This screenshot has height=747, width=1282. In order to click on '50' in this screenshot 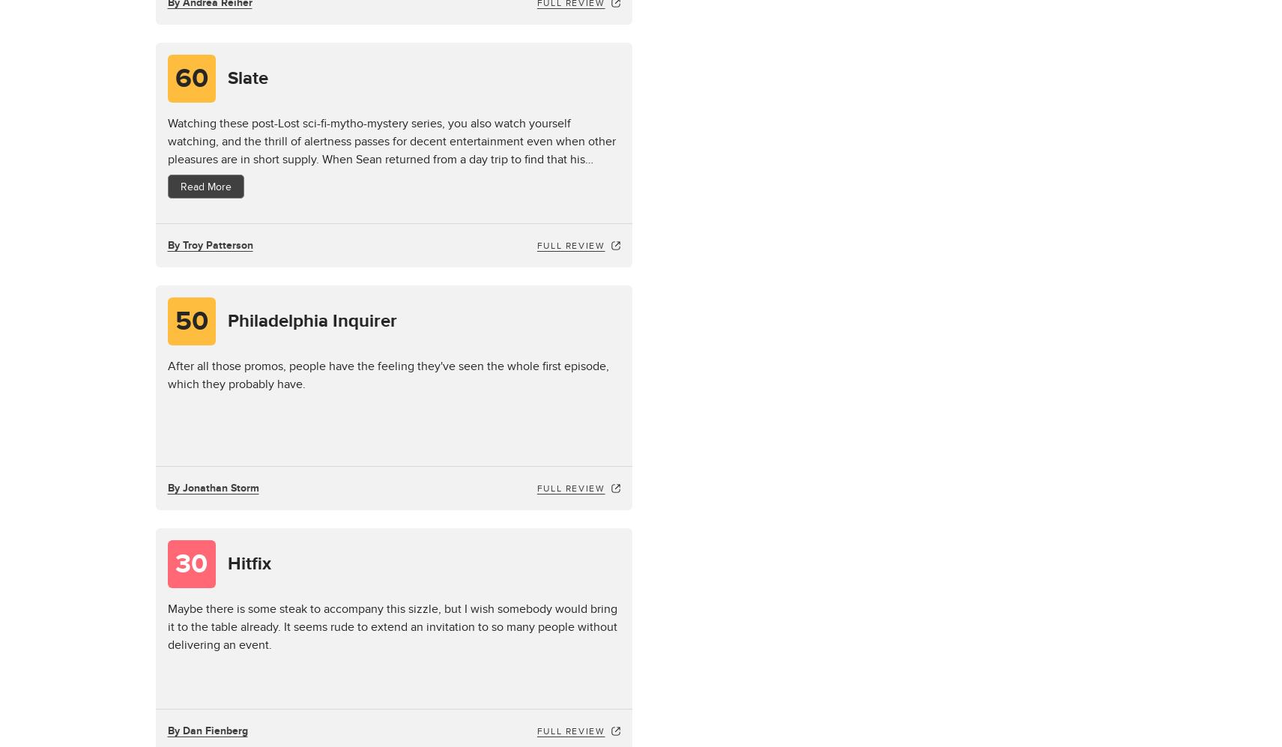, I will do `click(190, 321)`.